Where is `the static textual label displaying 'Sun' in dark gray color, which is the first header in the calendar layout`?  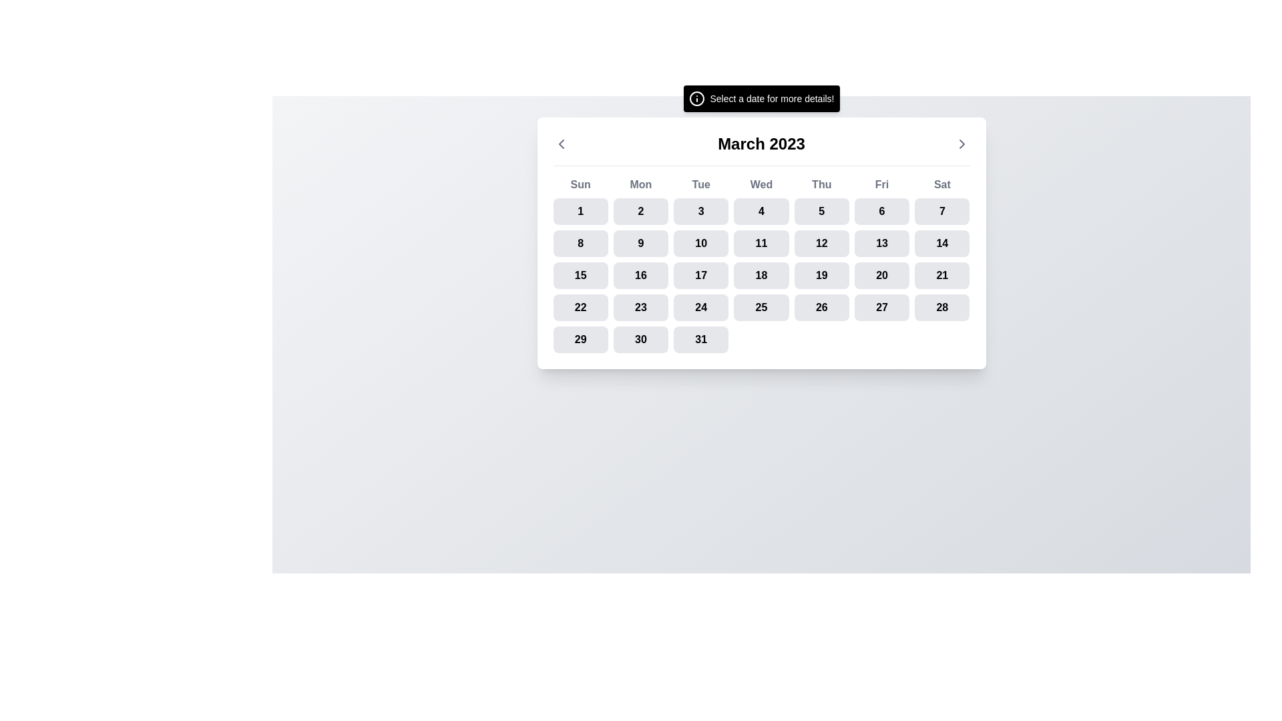
the static textual label displaying 'Sun' in dark gray color, which is the first header in the calendar layout is located at coordinates (580, 185).